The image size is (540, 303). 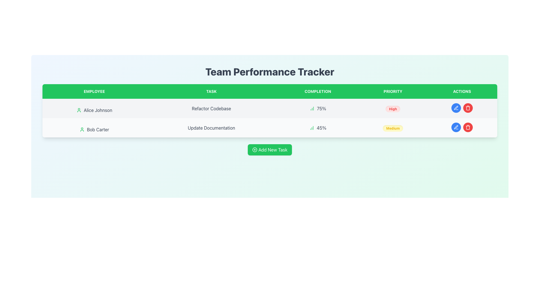 What do you see at coordinates (94, 91) in the screenshot?
I see `text from the 'Employee' header cell, which is the first cell in a horizontal header row with a green background` at bounding box center [94, 91].